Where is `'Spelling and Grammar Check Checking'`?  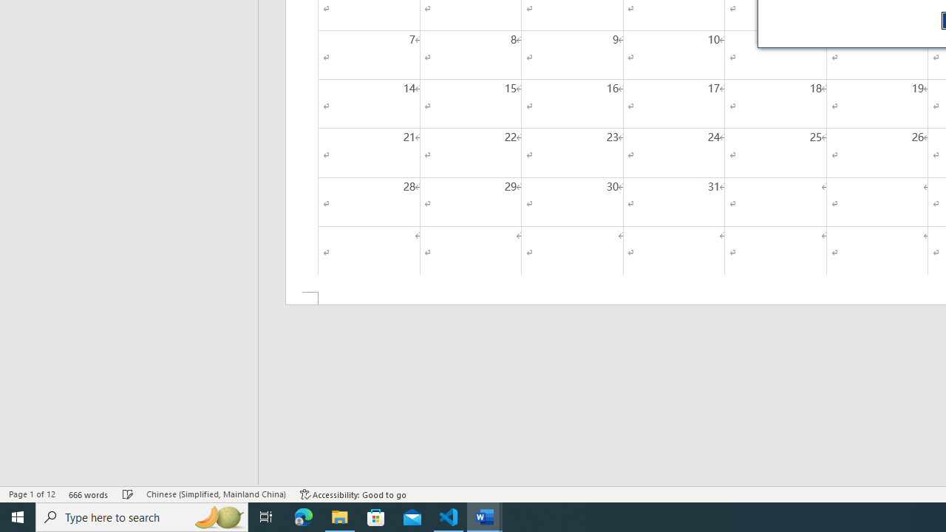
'Spelling and Grammar Check Checking' is located at coordinates (128, 494).